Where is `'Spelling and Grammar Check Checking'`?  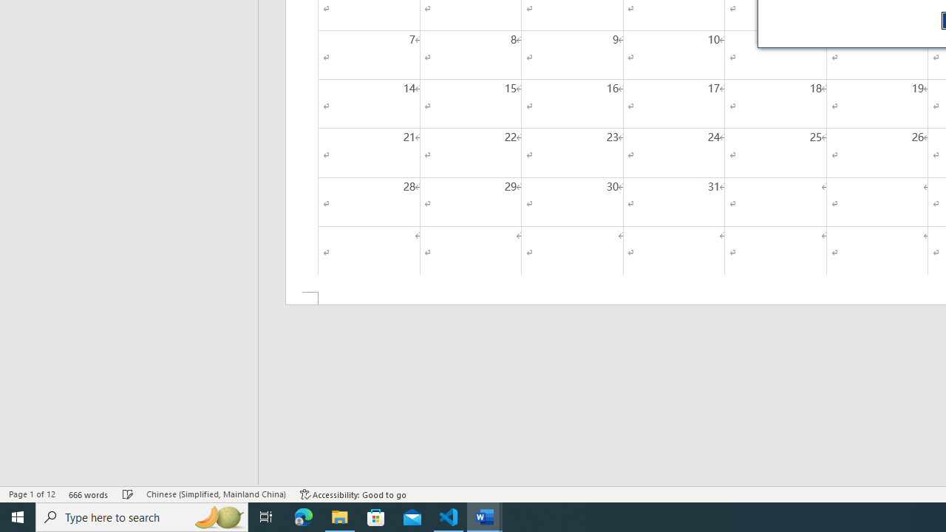
'Spelling and Grammar Check Checking' is located at coordinates (128, 494).